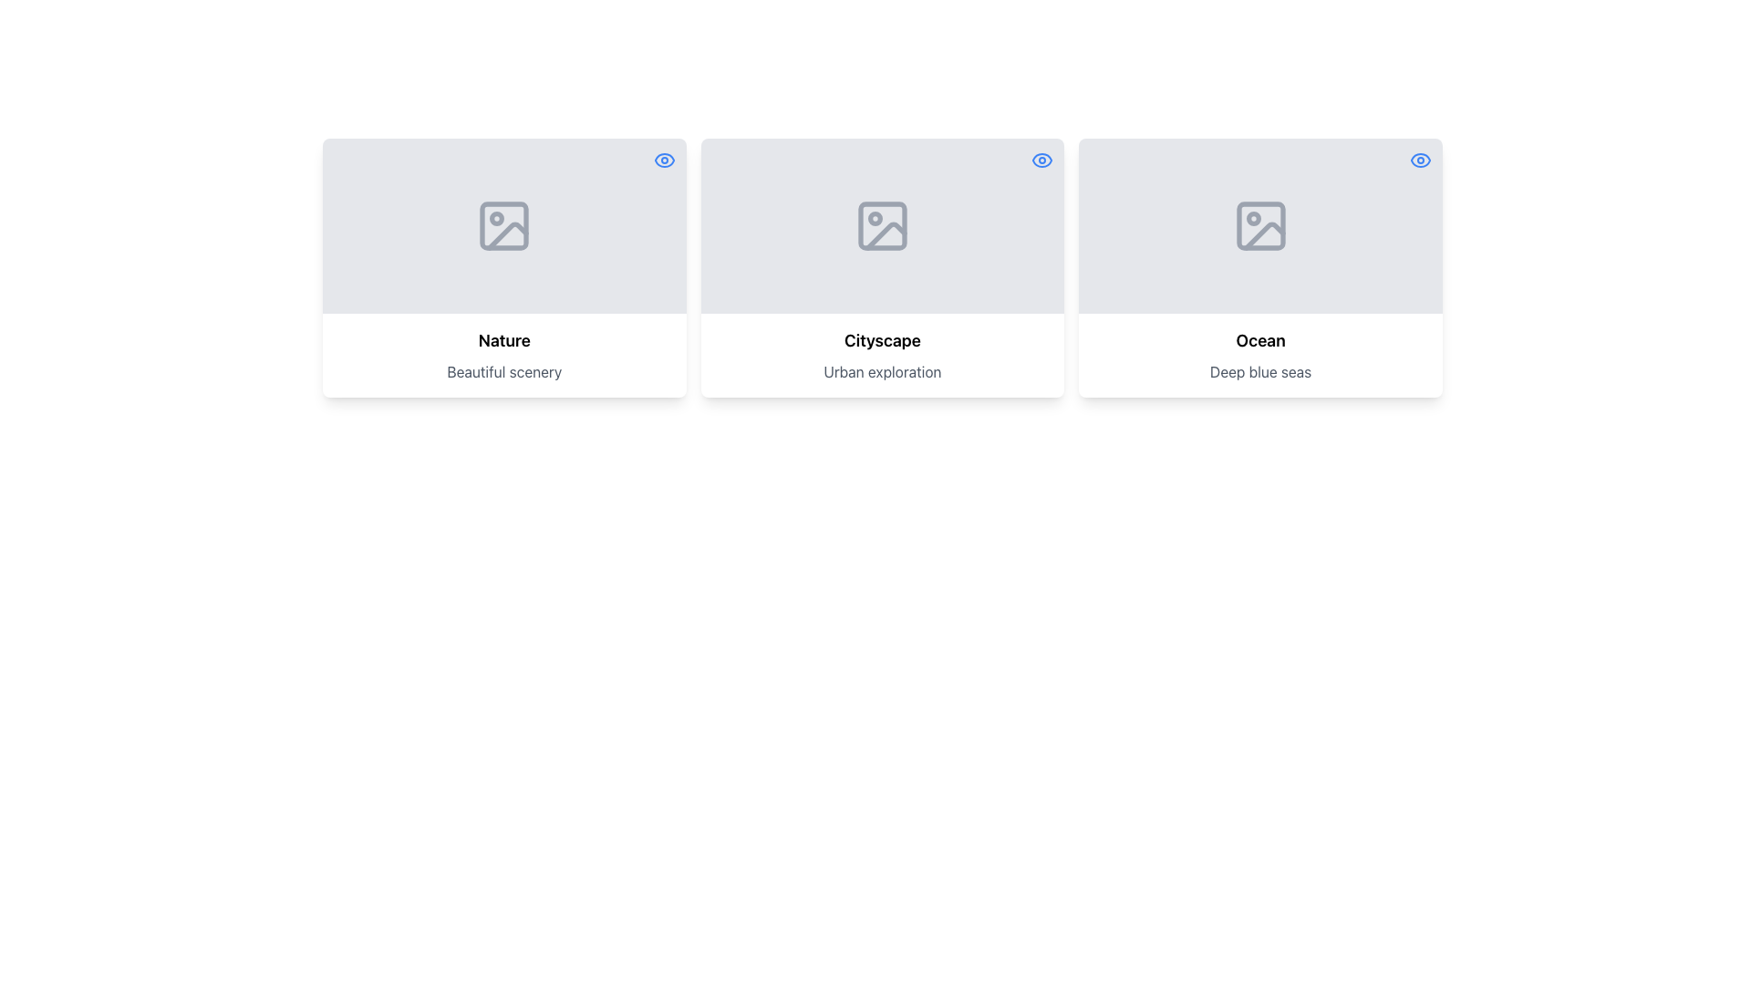  I want to click on the SVG rectangle shape in the top-left corner of the 'Nature' icon, so click(504, 224).